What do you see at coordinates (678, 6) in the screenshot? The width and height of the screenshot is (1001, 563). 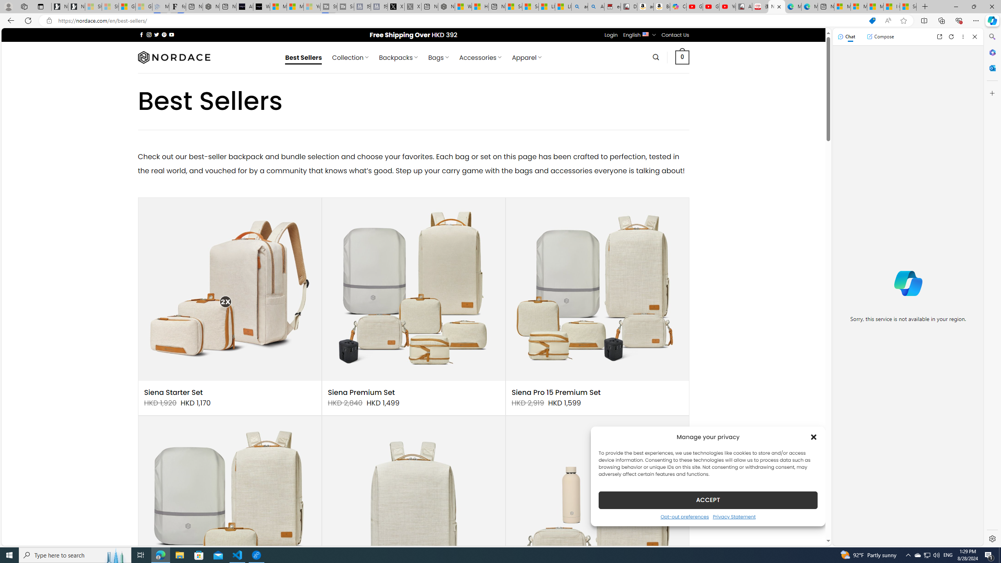 I see `'Copilot'` at bounding box center [678, 6].